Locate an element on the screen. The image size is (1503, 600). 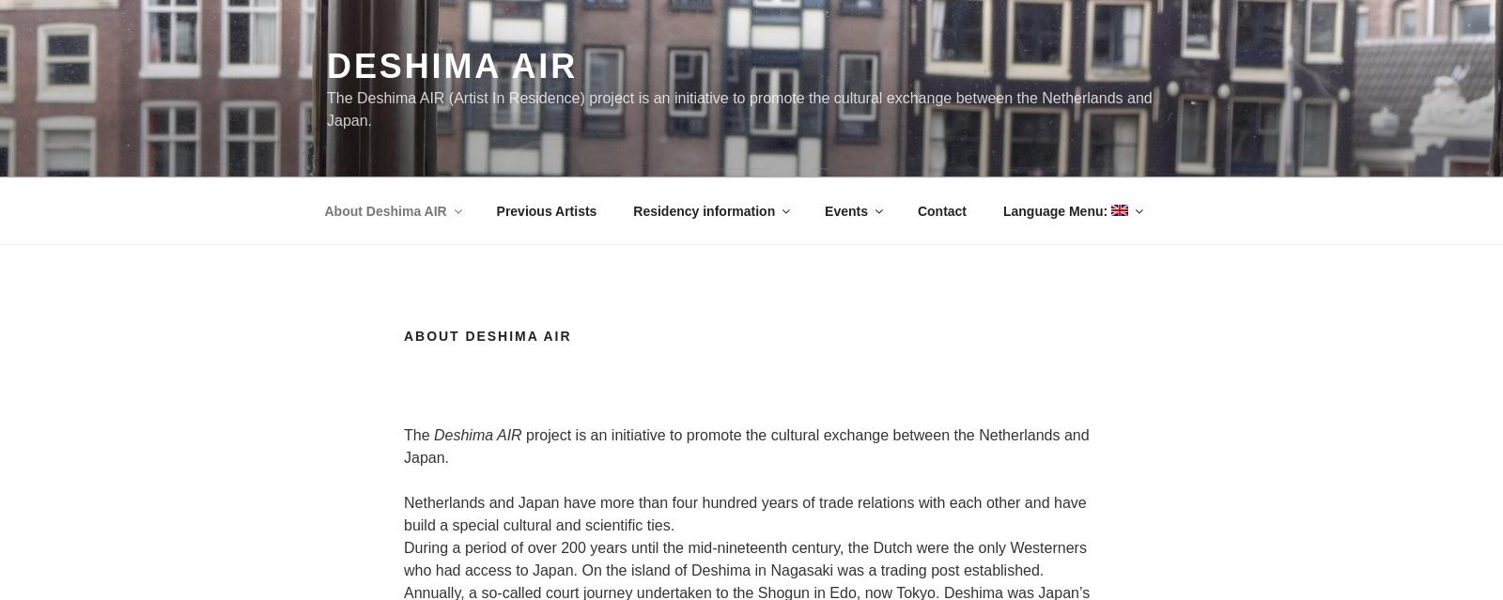
'Netherlands and Japan have more than four hundred years of trade relations with each other and have build a special cultural and scientific ties.' is located at coordinates (744, 514).